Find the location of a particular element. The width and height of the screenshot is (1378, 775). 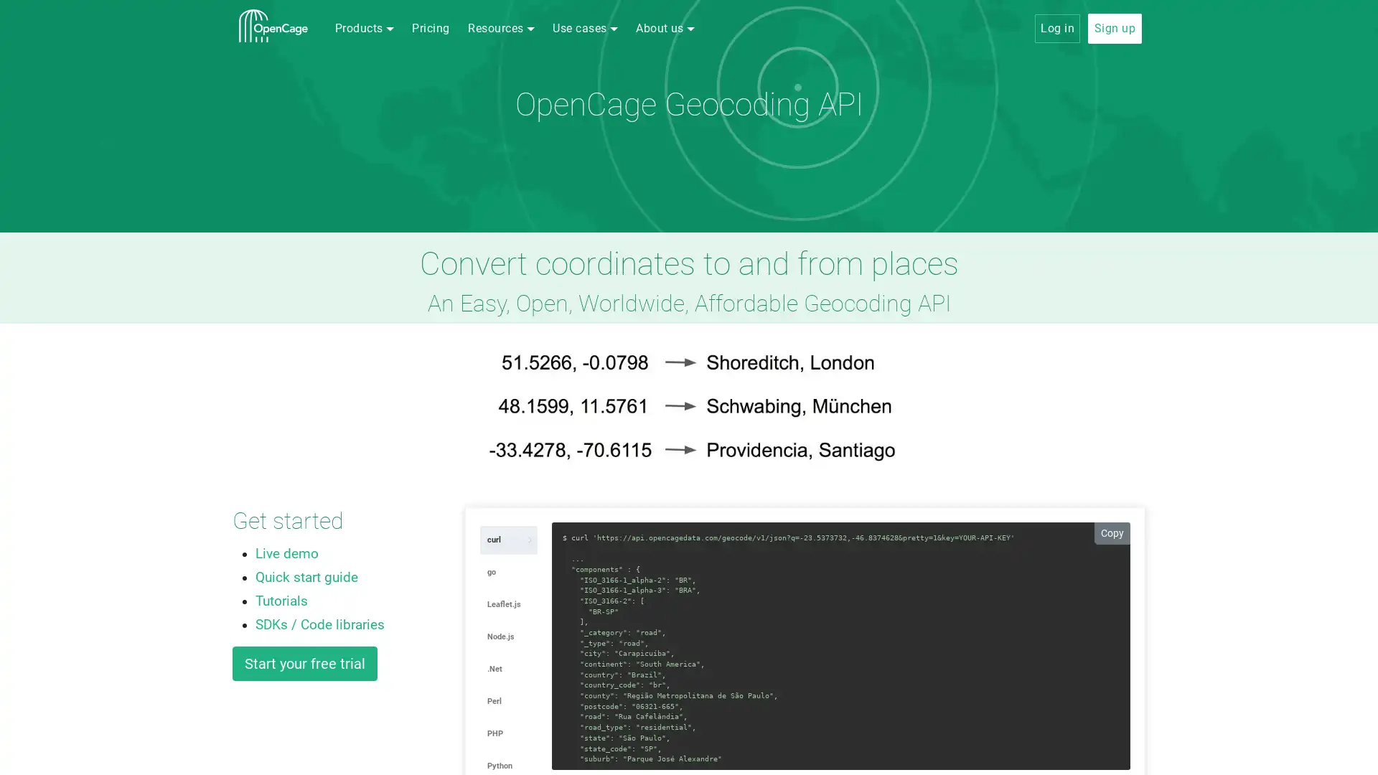

About us is located at coordinates (664, 28).